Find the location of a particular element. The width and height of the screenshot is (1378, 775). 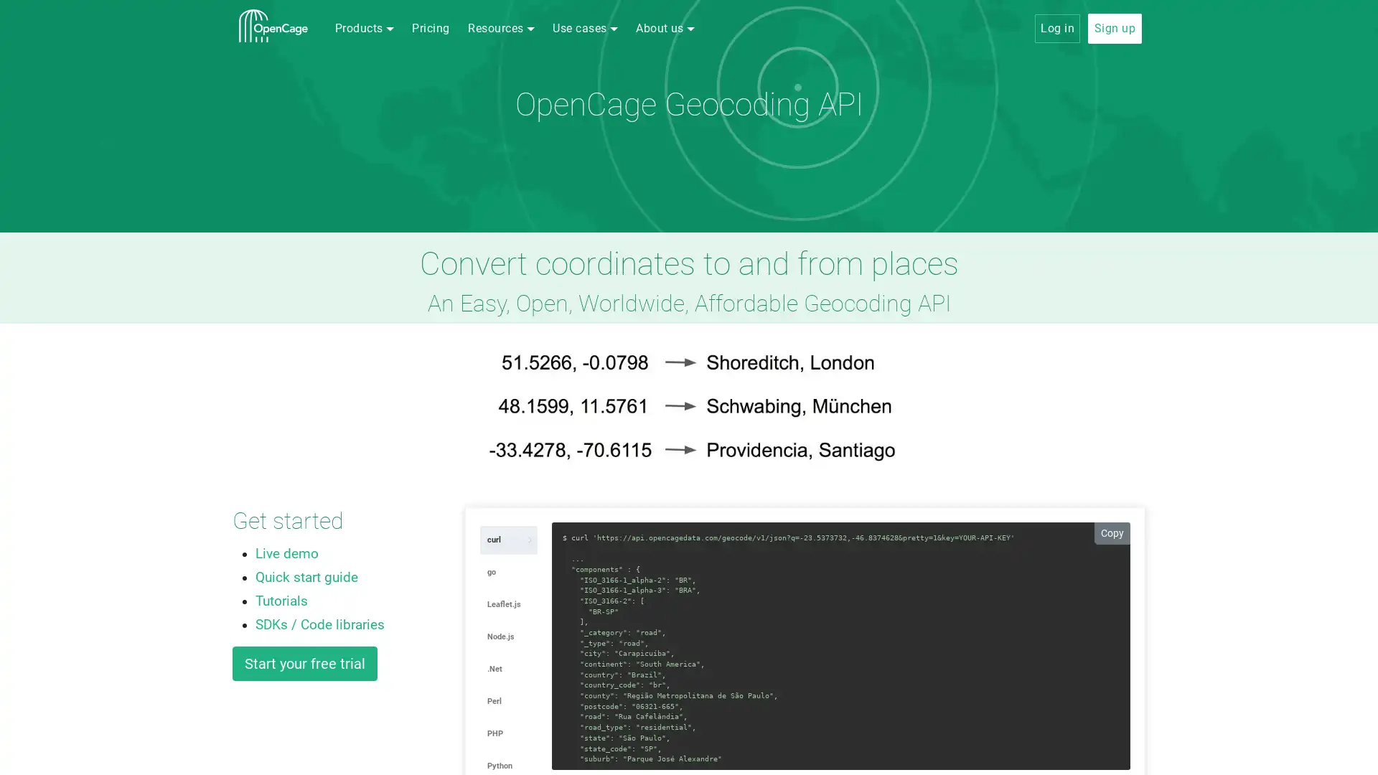

About us is located at coordinates (664, 28).